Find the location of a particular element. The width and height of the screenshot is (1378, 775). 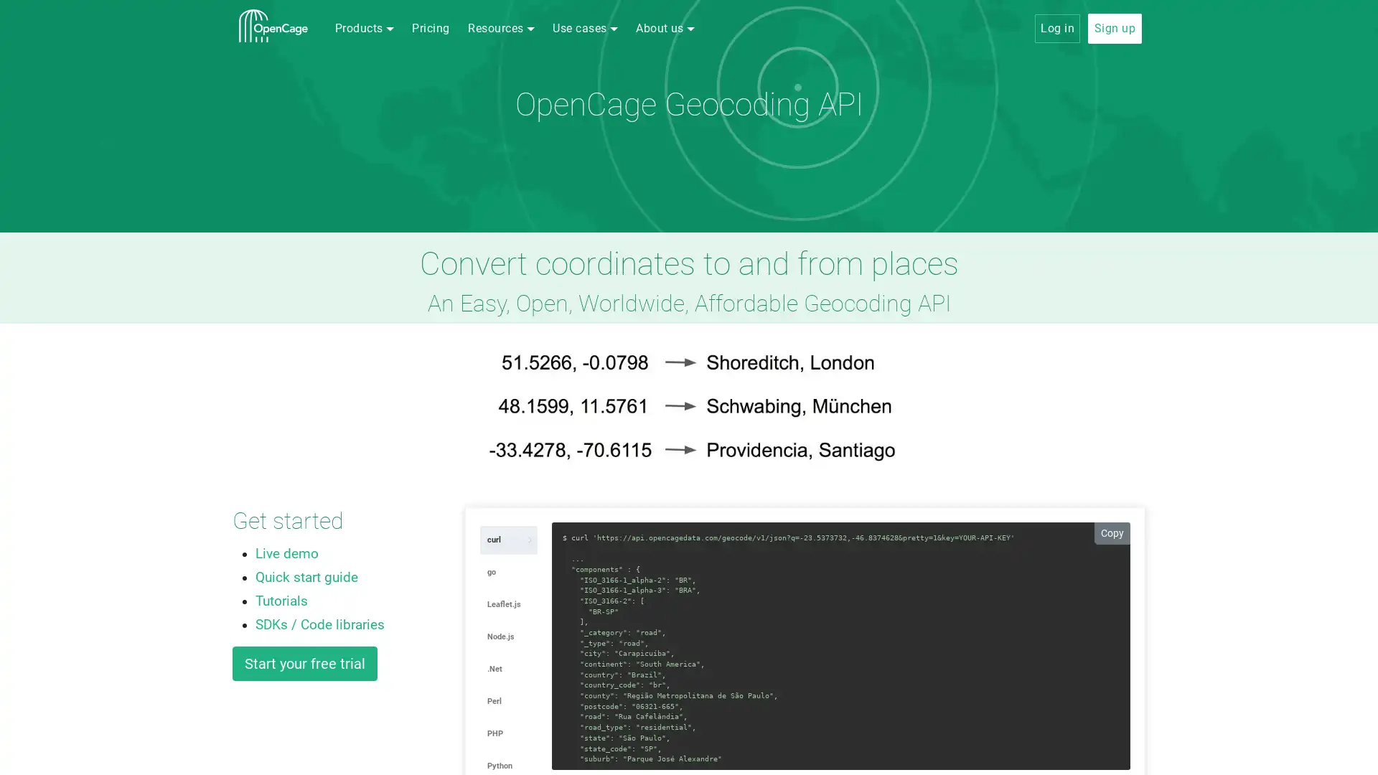

About us is located at coordinates (664, 28).